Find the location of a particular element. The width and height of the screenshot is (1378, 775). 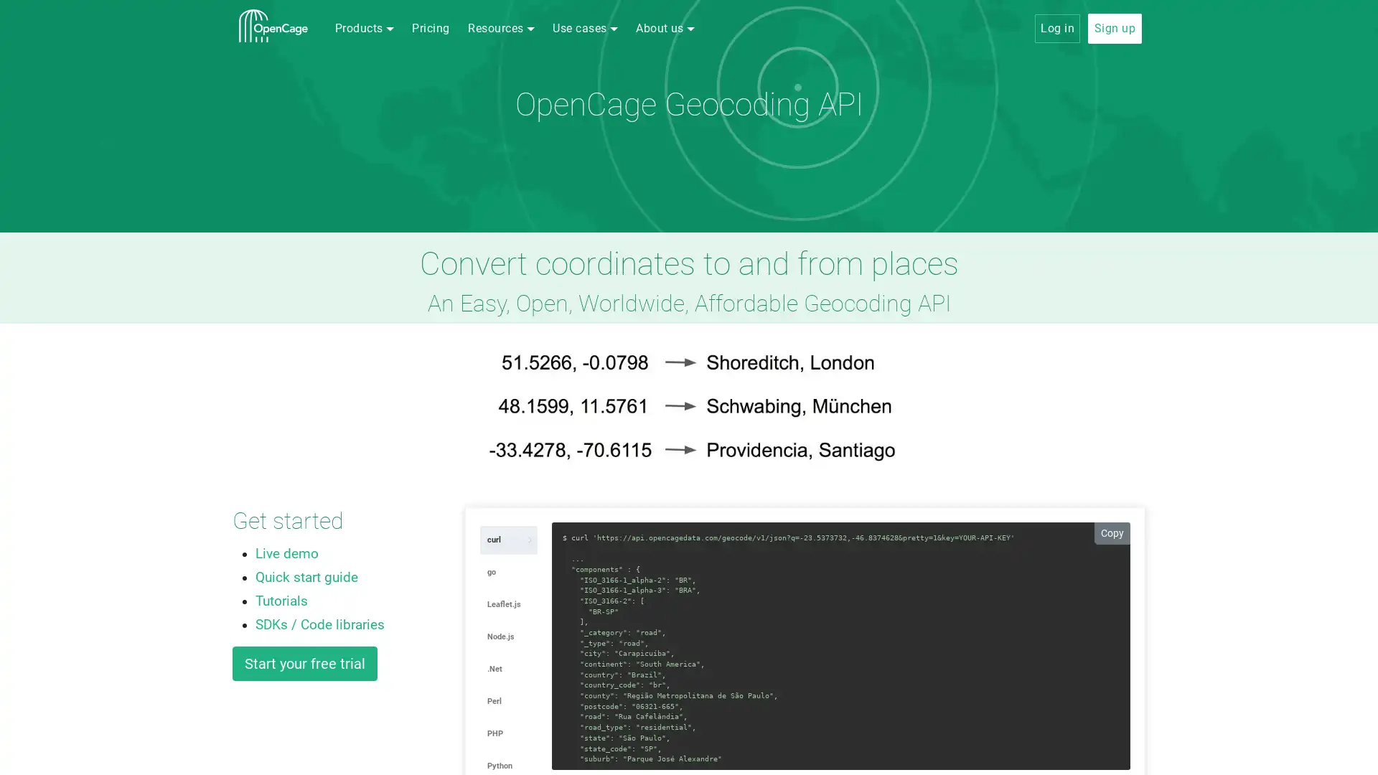

About us is located at coordinates (664, 28).